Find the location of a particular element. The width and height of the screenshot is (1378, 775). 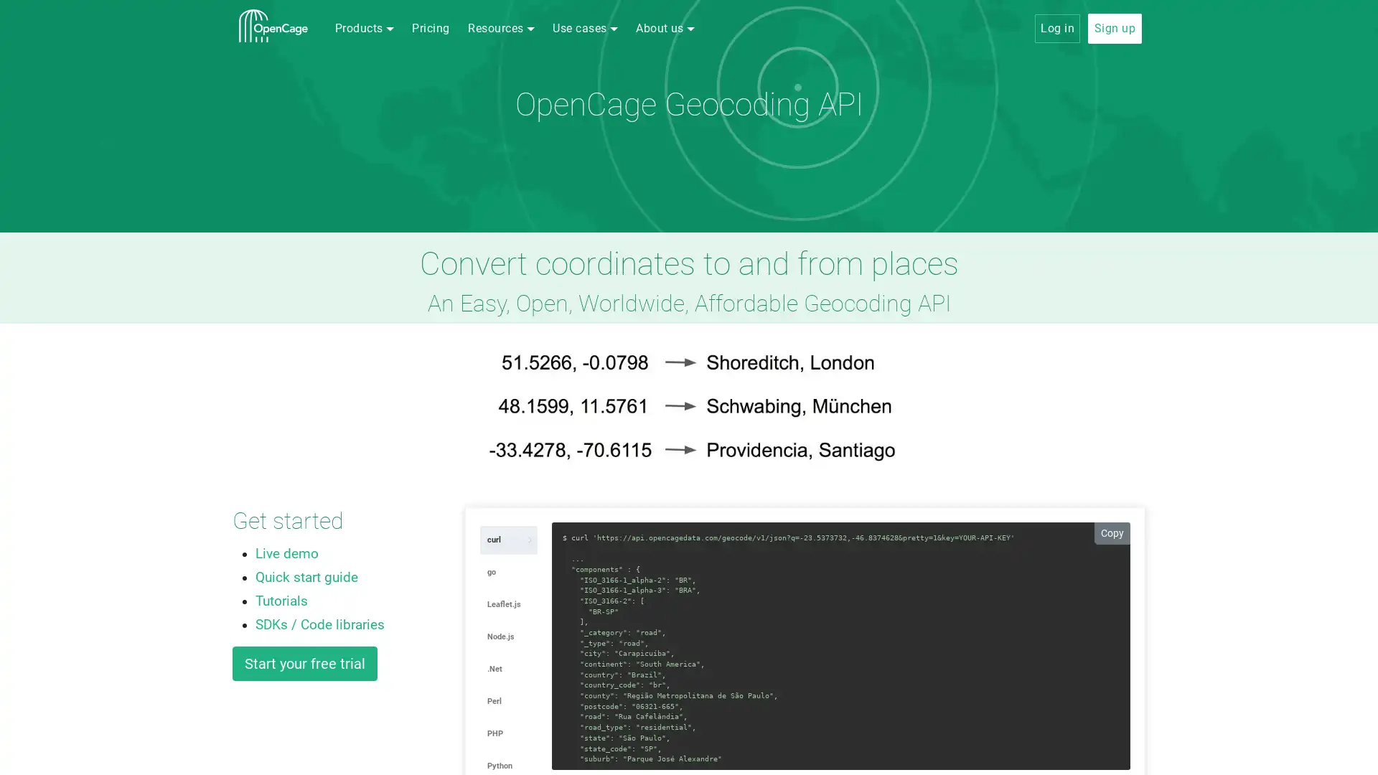

About us is located at coordinates (664, 28).